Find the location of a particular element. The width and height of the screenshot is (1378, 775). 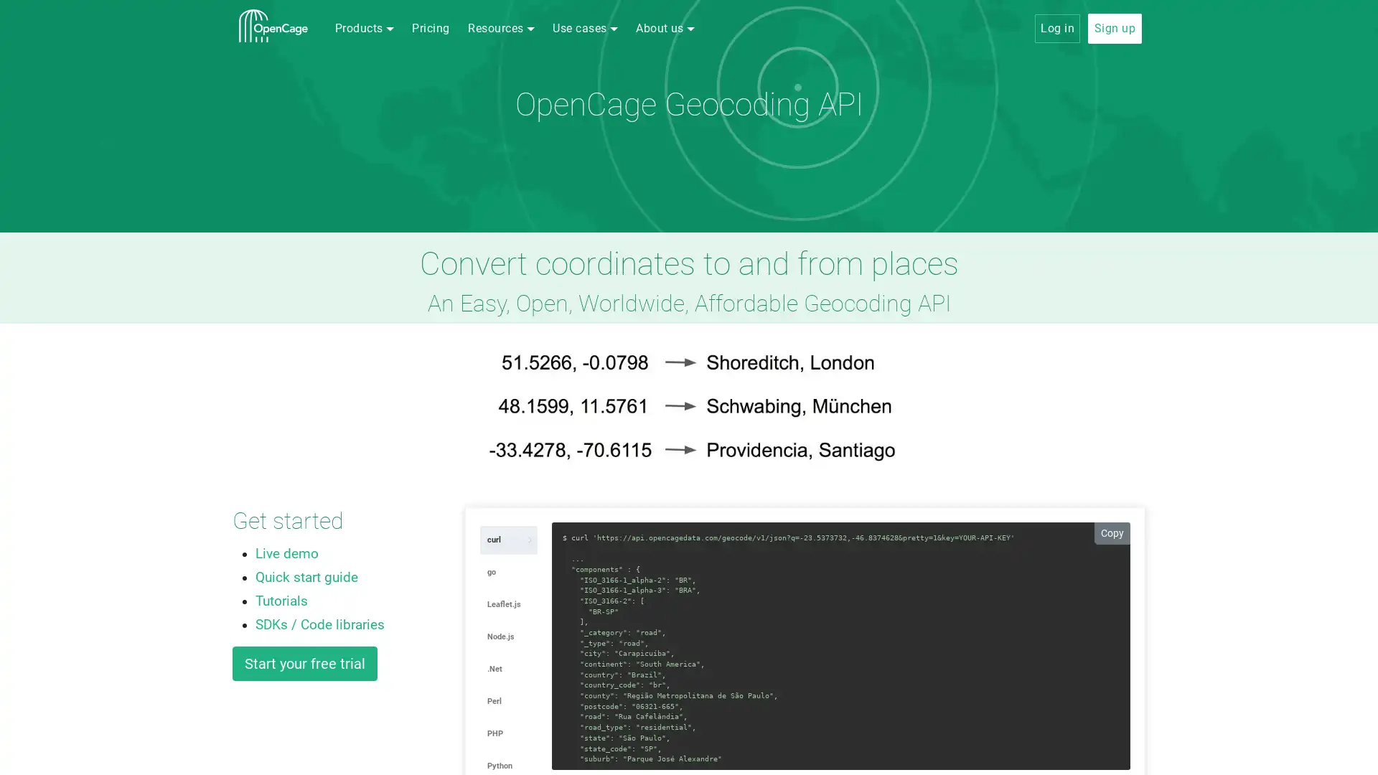

About us is located at coordinates (664, 28).